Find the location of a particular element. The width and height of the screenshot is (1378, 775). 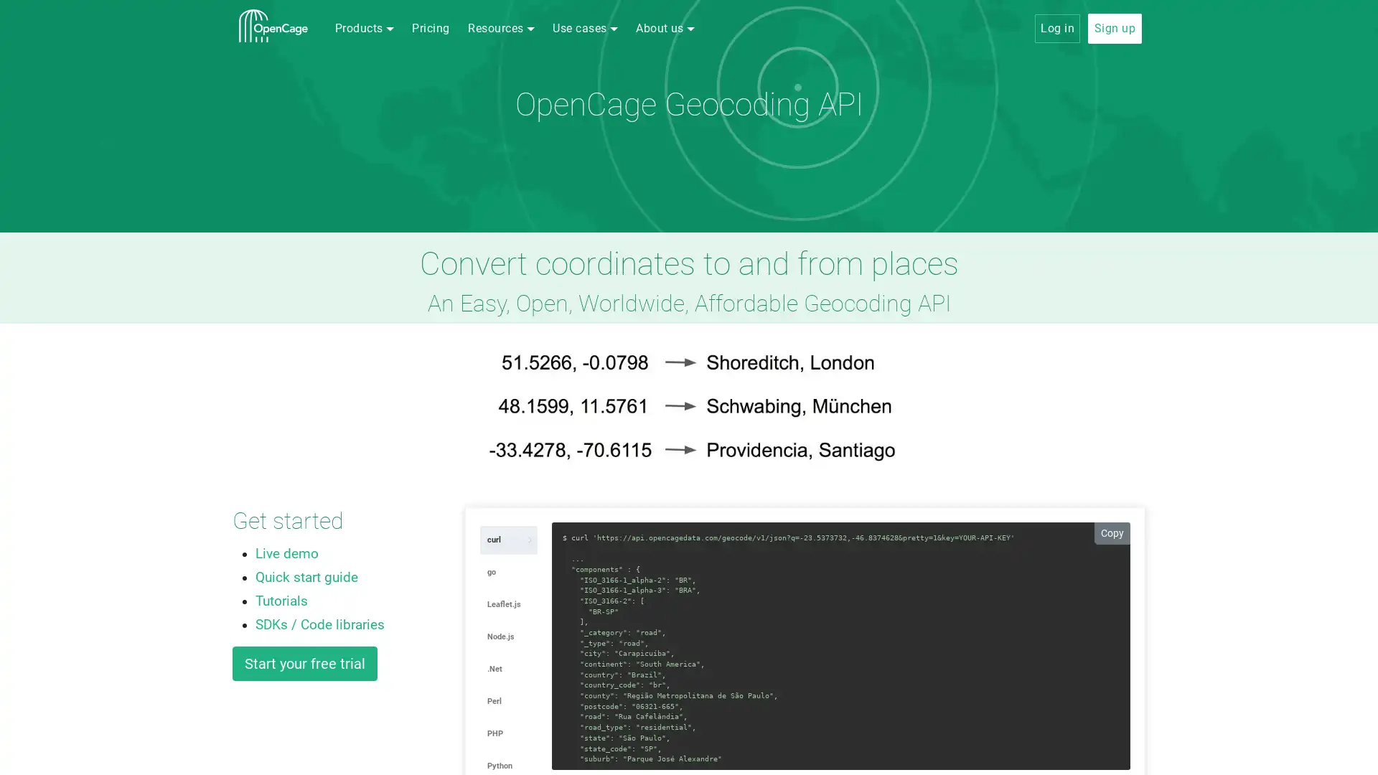

About us is located at coordinates (664, 28).